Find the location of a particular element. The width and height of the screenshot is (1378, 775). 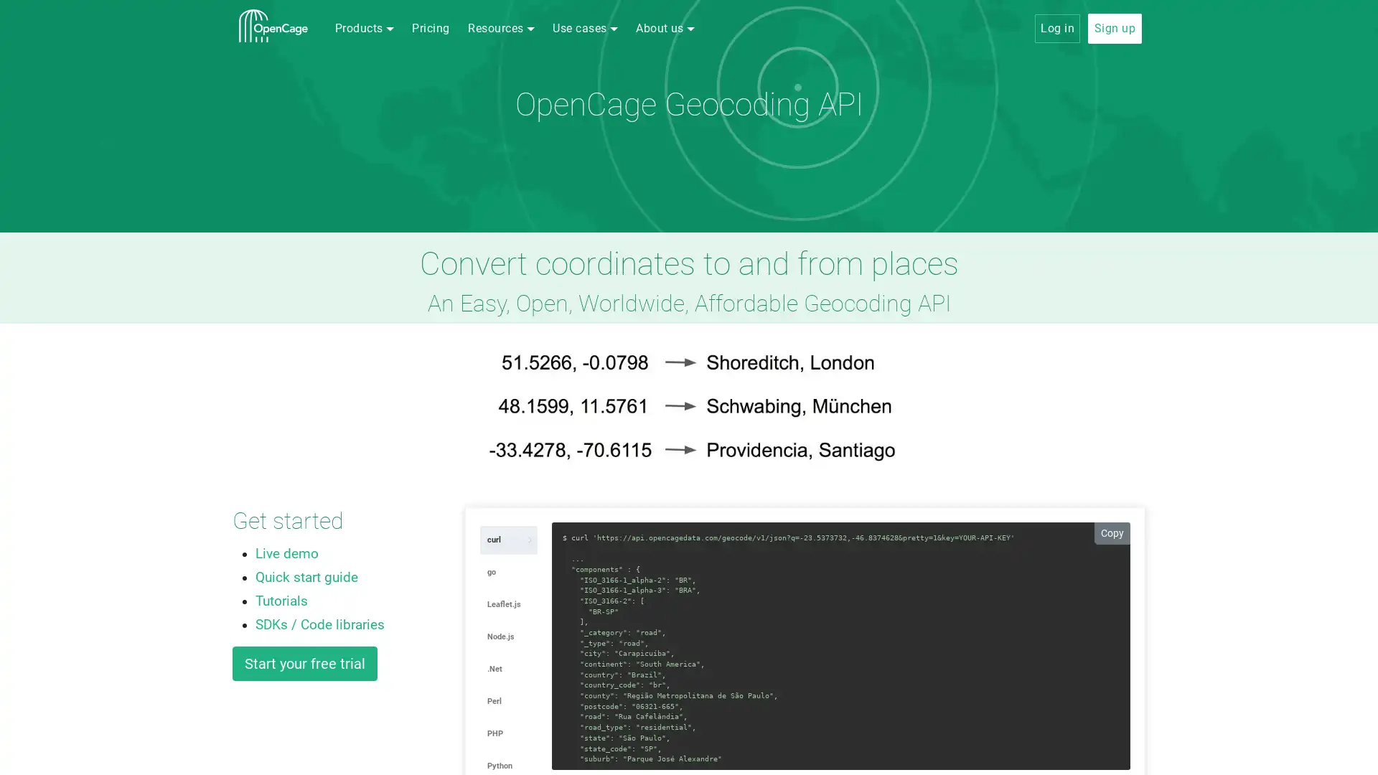

About us is located at coordinates (664, 28).